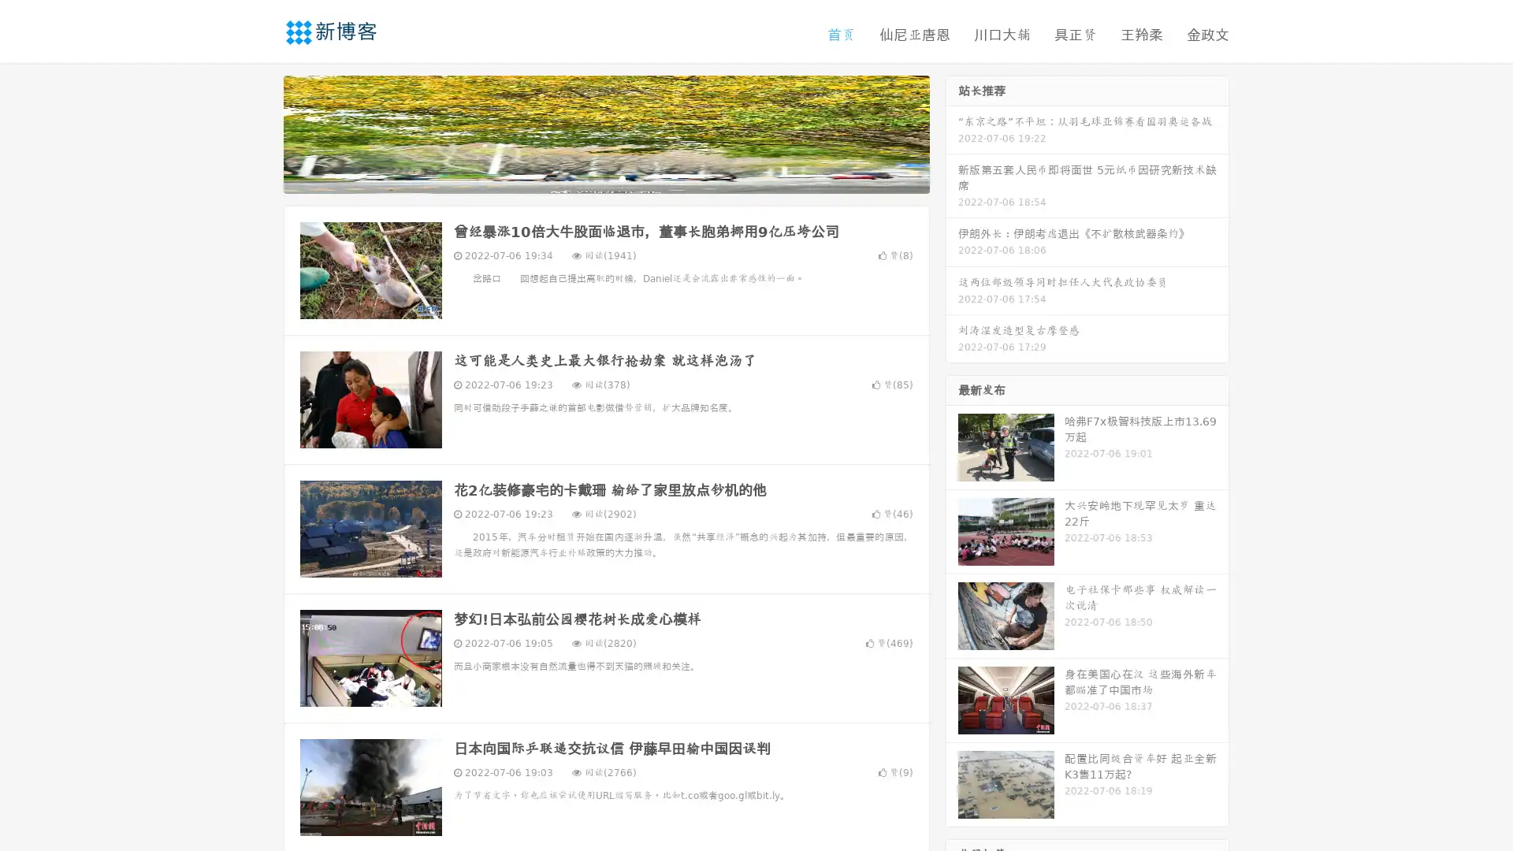 The image size is (1513, 851). What do you see at coordinates (589, 177) in the screenshot?
I see `Go to slide 1` at bounding box center [589, 177].